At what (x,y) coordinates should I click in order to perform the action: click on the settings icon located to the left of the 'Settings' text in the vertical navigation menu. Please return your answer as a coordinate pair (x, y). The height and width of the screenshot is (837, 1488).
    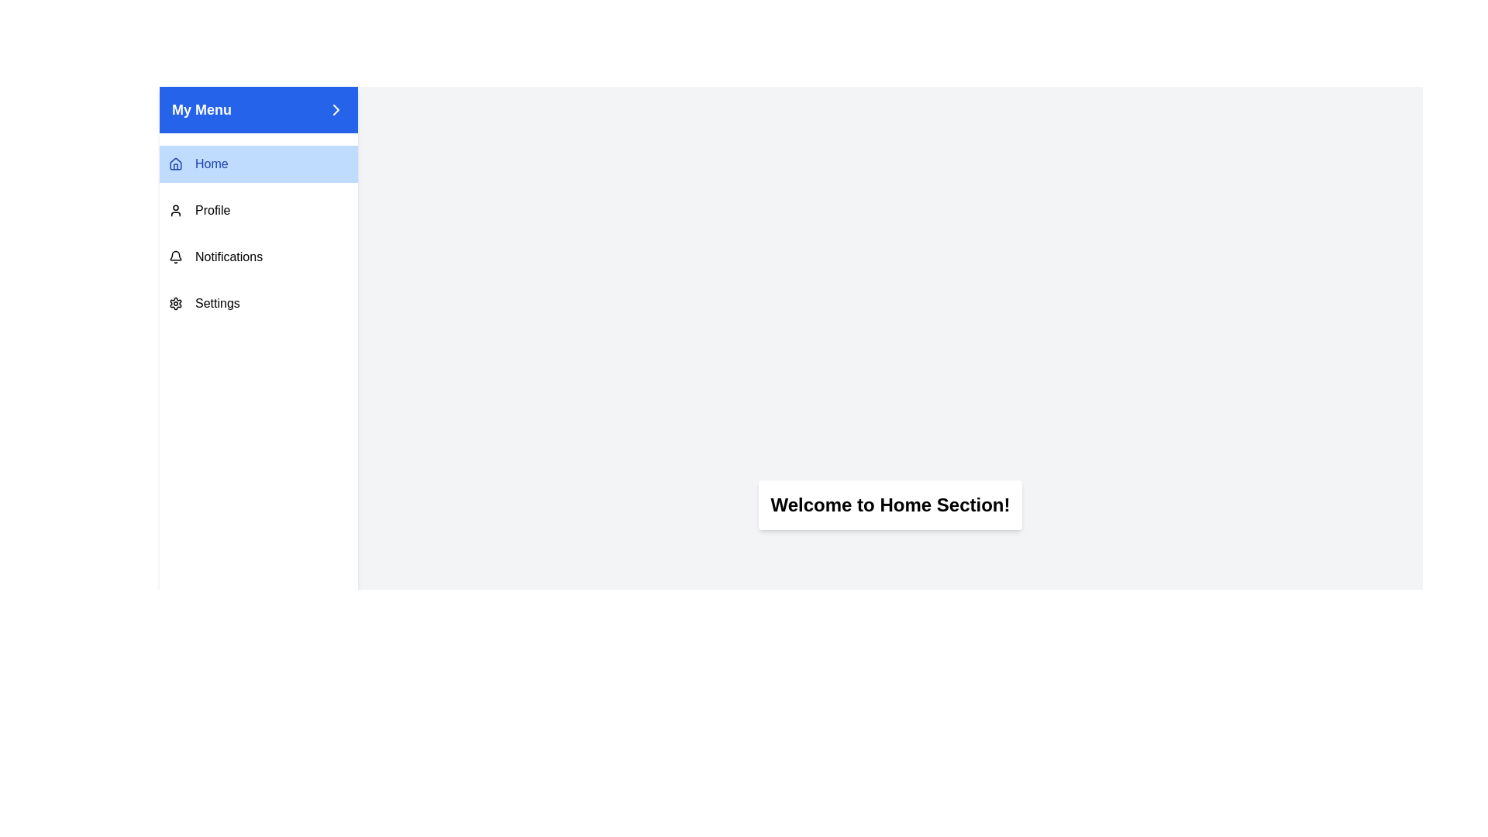
    Looking at the image, I should click on (175, 304).